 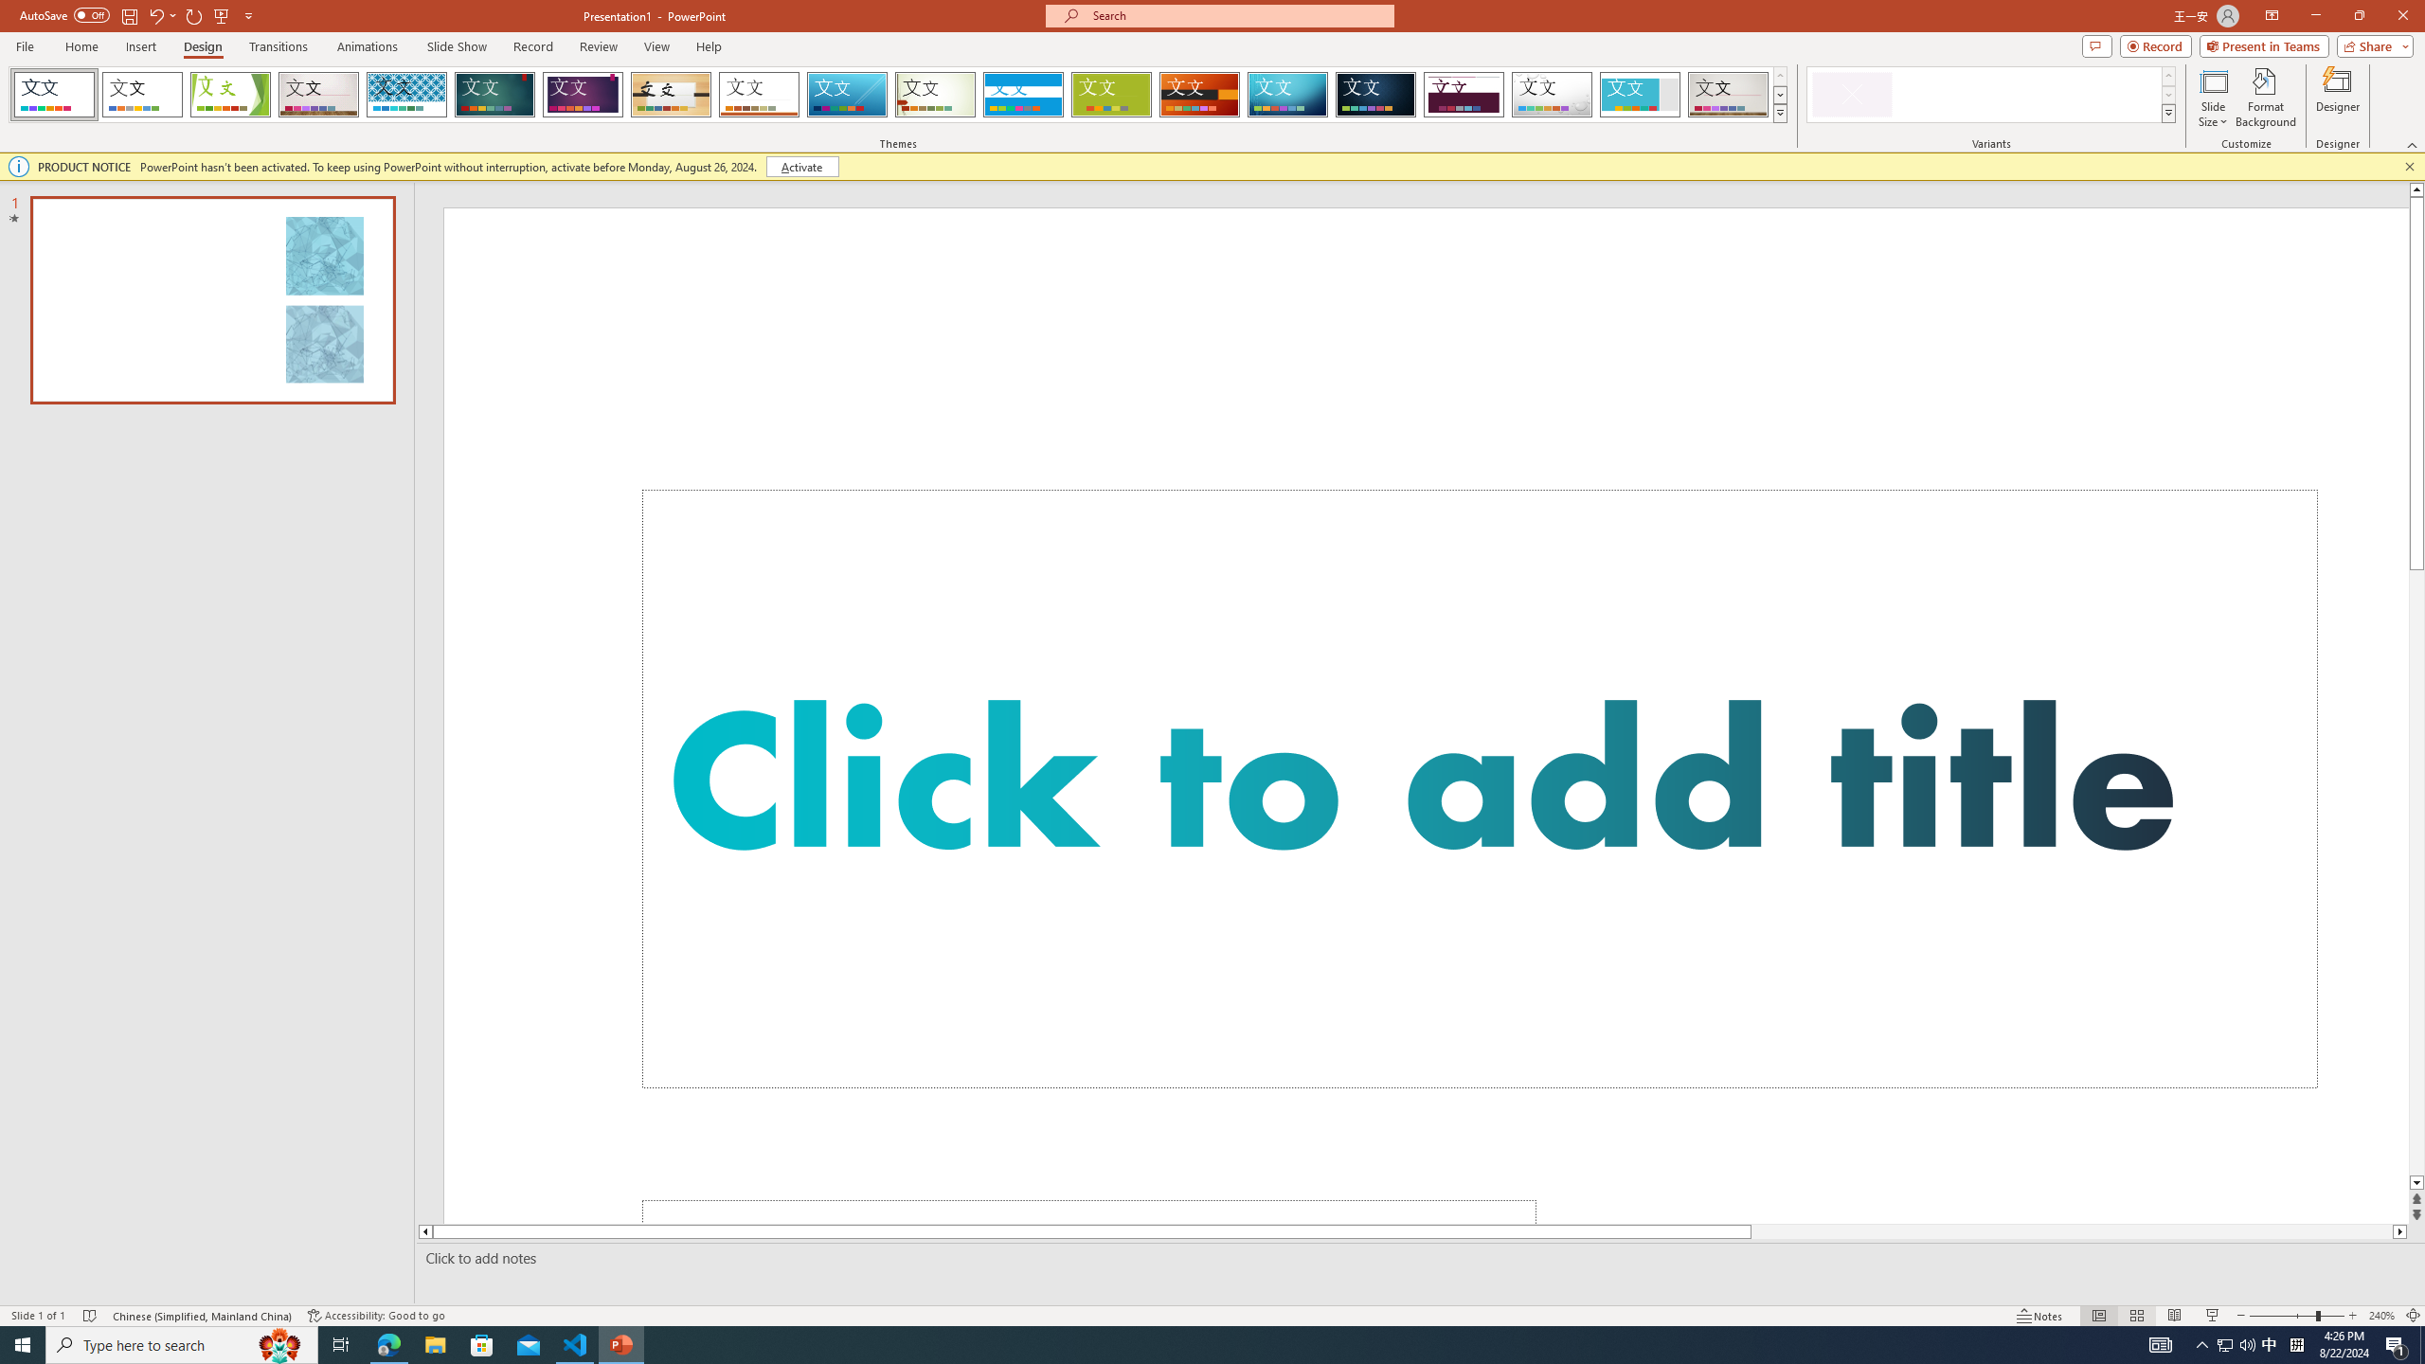 I want to click on 'Basis', so click(x=1111, y=94).